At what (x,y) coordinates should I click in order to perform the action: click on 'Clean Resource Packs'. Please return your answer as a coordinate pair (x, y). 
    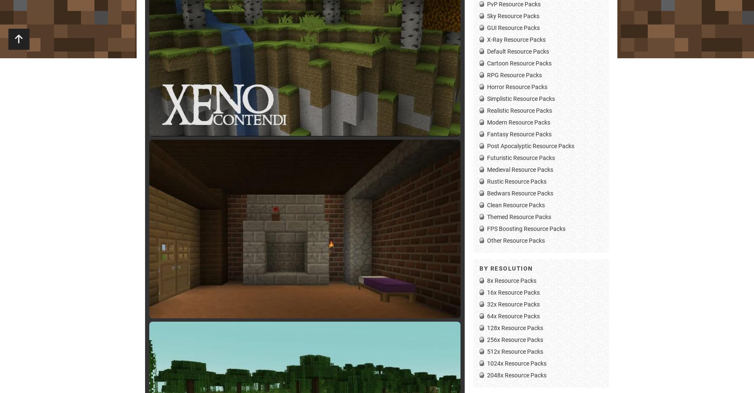
    Looking at the image, I should click on (515, 204).